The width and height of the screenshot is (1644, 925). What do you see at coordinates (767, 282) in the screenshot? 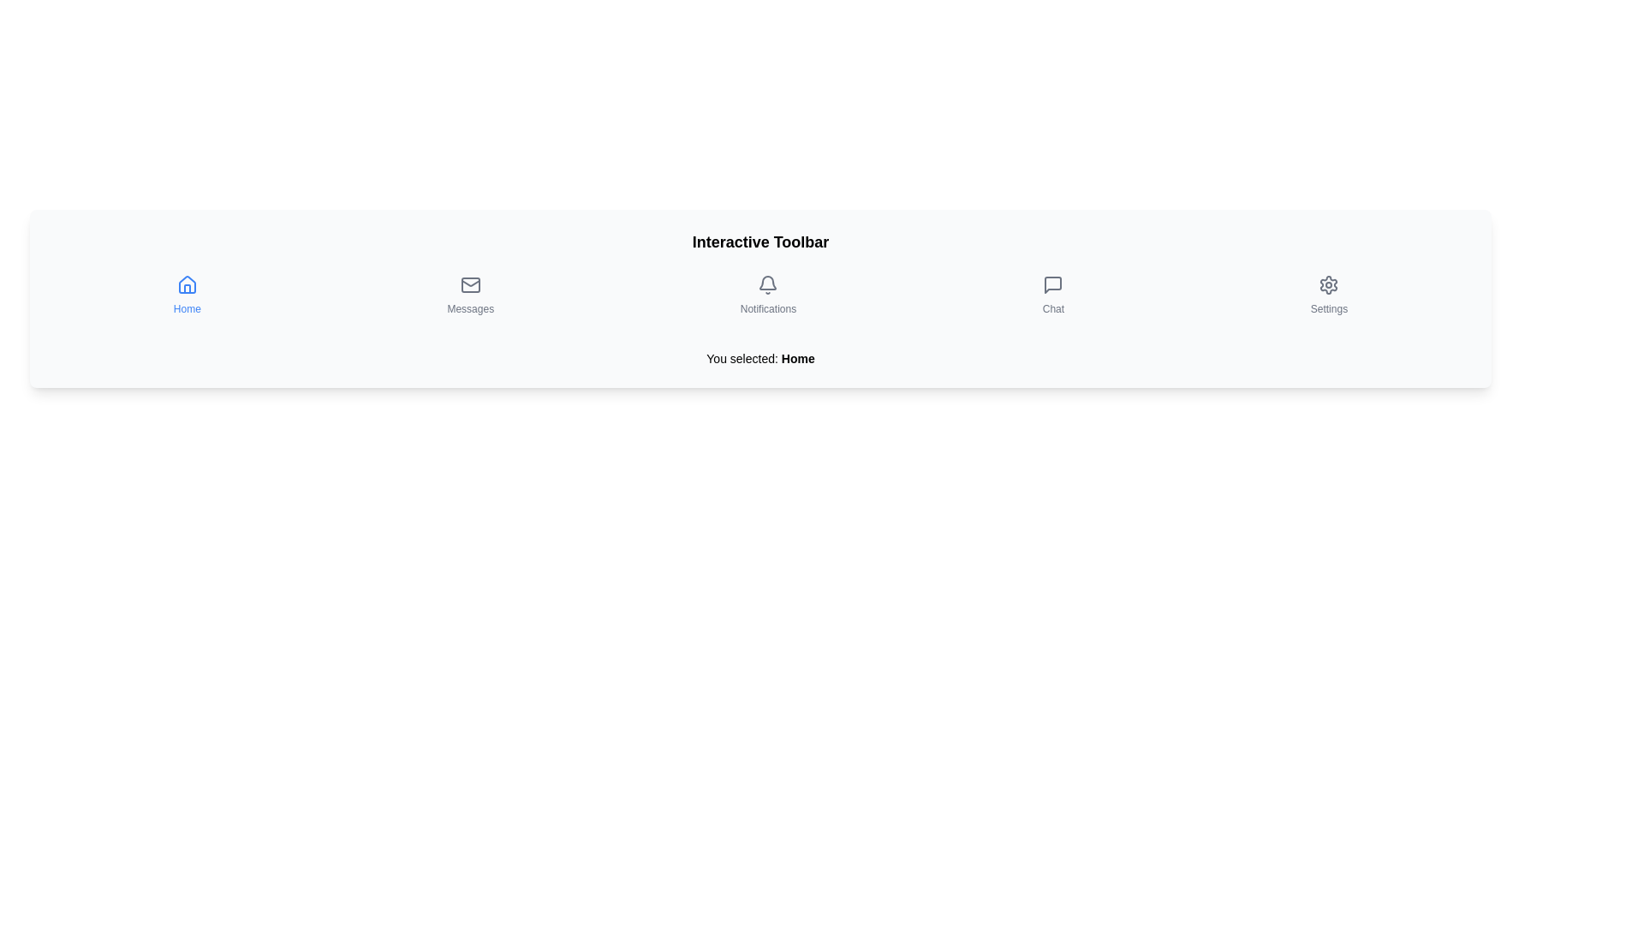
I see `the notification icon located above the 'Notifications' label` at bounding box center [767, 282].